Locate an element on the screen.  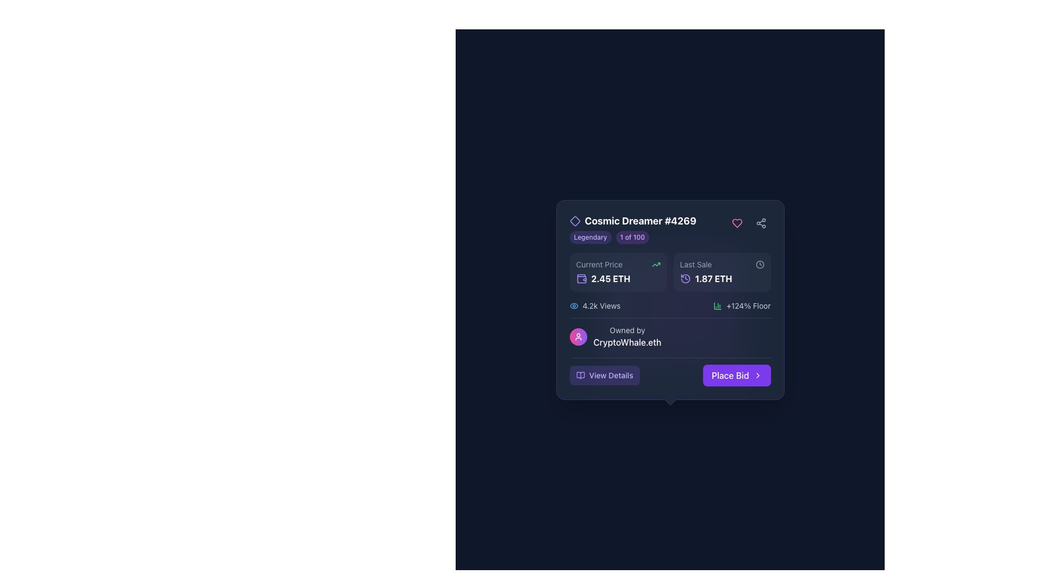
the Informational Display that shows the item's view count, floor percentage increase, and ownership details, located centrally under the price information and above the action buttons is located at coordinates (669, 324).